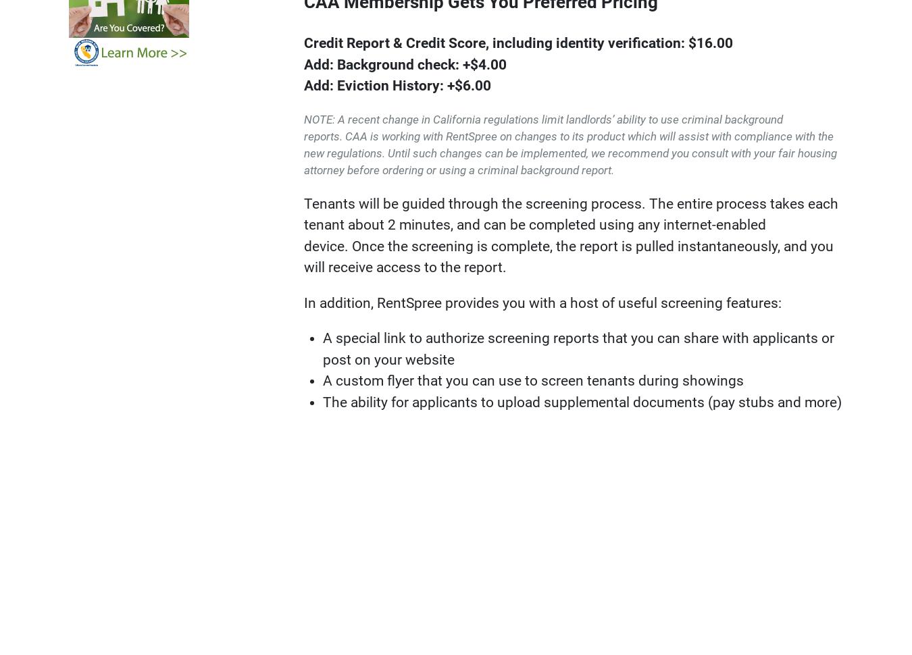  What do you see at coordinates (651, 523) in the screenshot?
I see `'Contact'` at bounding box center [651, 523].